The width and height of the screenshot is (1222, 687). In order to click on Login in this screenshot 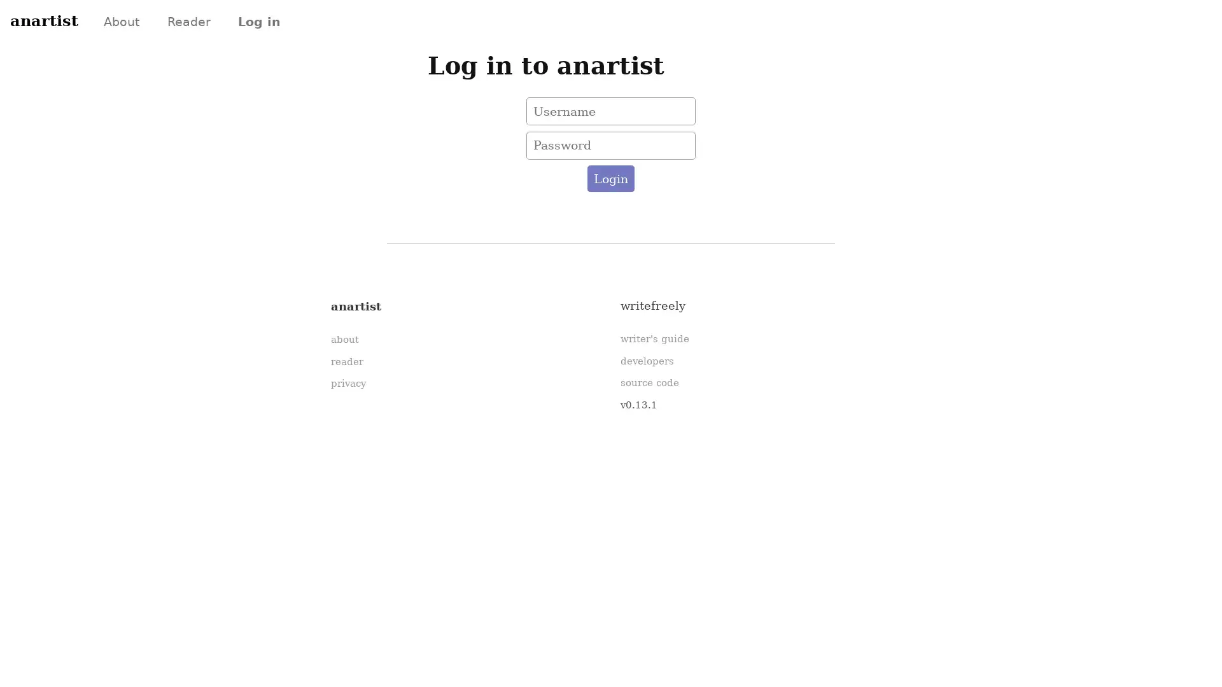, I will do `click(610, 179)`.